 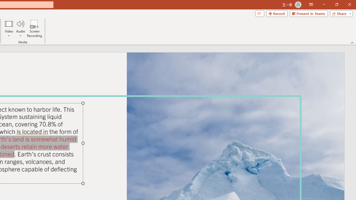 I want to click on 'Screen Recording...', so click(x=34, y=29).